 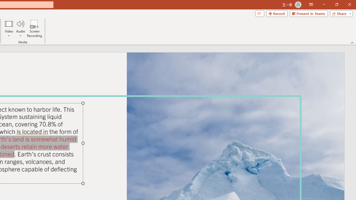 I want to click on 'Screen Recording...', so click(x=34, y=29).